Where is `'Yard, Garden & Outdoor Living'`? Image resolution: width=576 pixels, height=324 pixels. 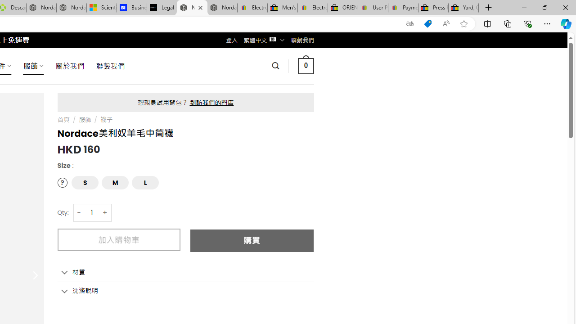 'Yard, Garden & Outdoor Living' is located at coordinates (463, 8).